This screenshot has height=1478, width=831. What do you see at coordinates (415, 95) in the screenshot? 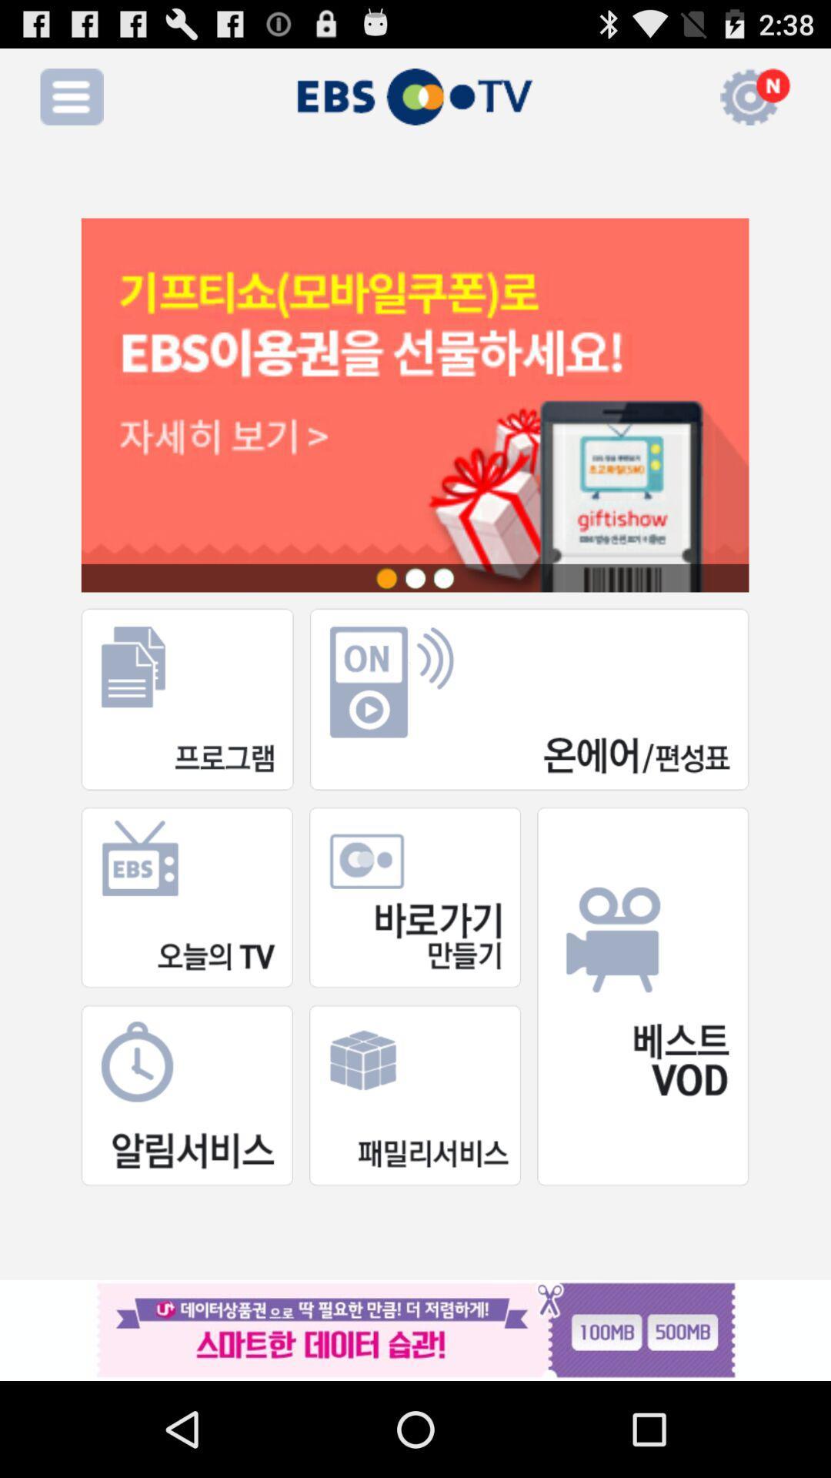
I see `the text which is right to the menu icon` at bounding box center [415, 95].